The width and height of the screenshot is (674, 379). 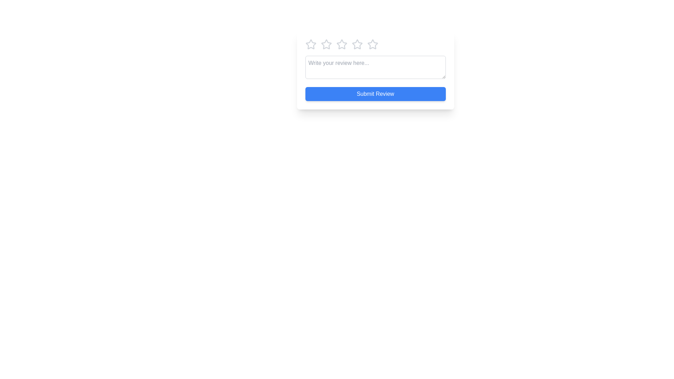 What do you see at coordinates (310, 45) in the screenshot?
I see `the first star in the rating component` at bounding box center [310, 45].